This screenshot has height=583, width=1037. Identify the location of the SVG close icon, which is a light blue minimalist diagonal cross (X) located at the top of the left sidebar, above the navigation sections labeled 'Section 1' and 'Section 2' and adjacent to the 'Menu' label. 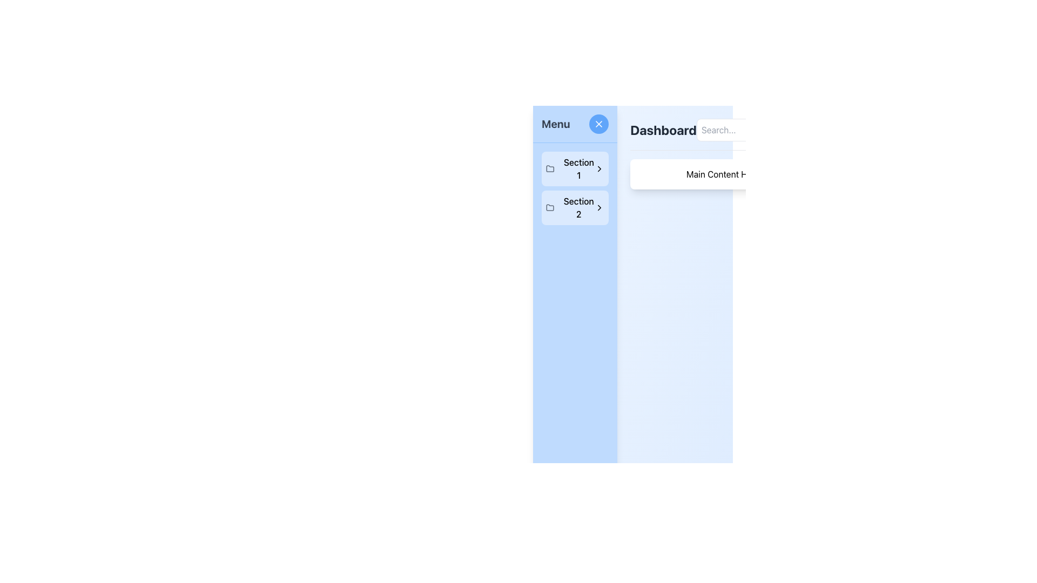
(598, 124).